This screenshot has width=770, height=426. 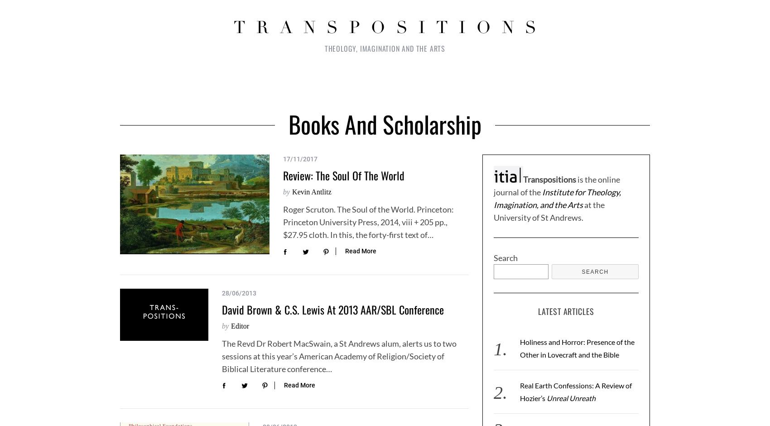 What do you see at coordinates (575, 391) in the screenshot?
I see `'Real Earth Confessions: A Review of Hozier’s'` at bounding box center [575, 391].